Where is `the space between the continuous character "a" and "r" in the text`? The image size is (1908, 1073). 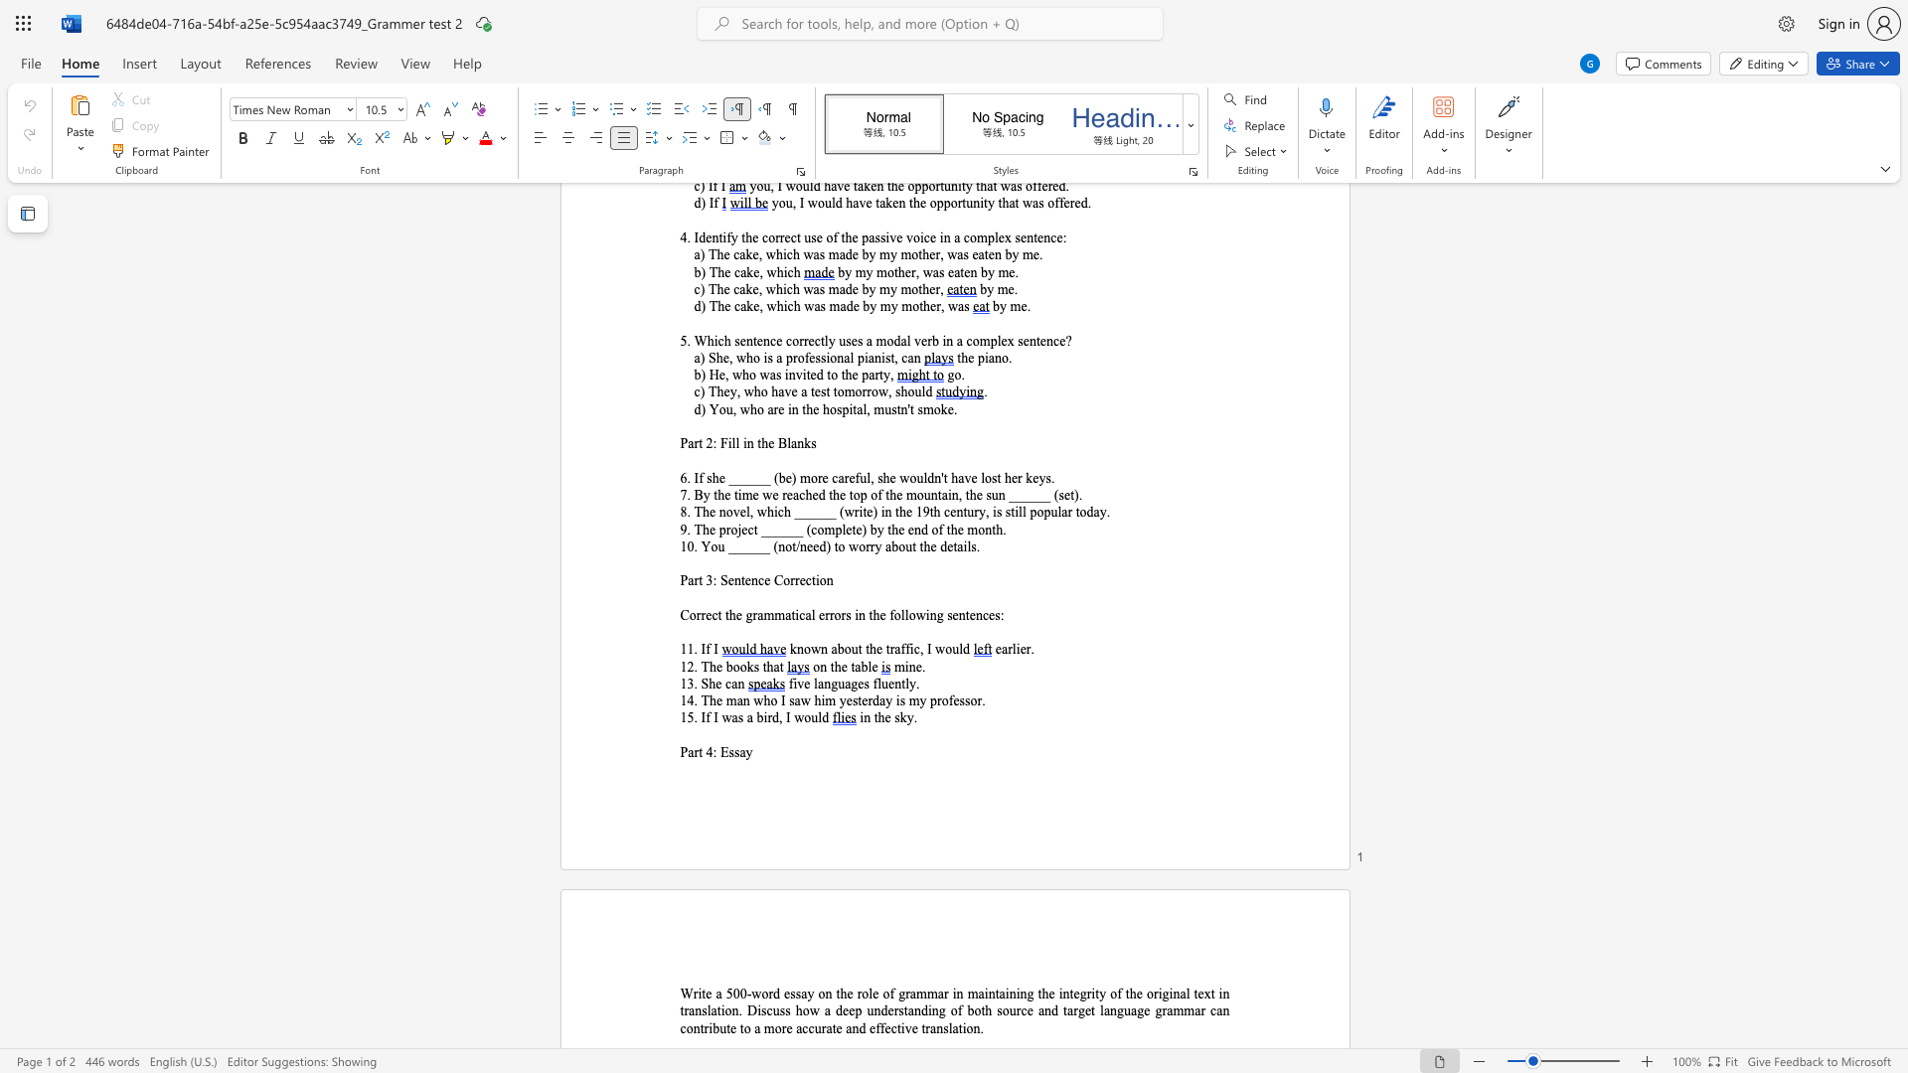 the space between the continuous character "a" and "r" in the text is located at coordinates (694, 752).